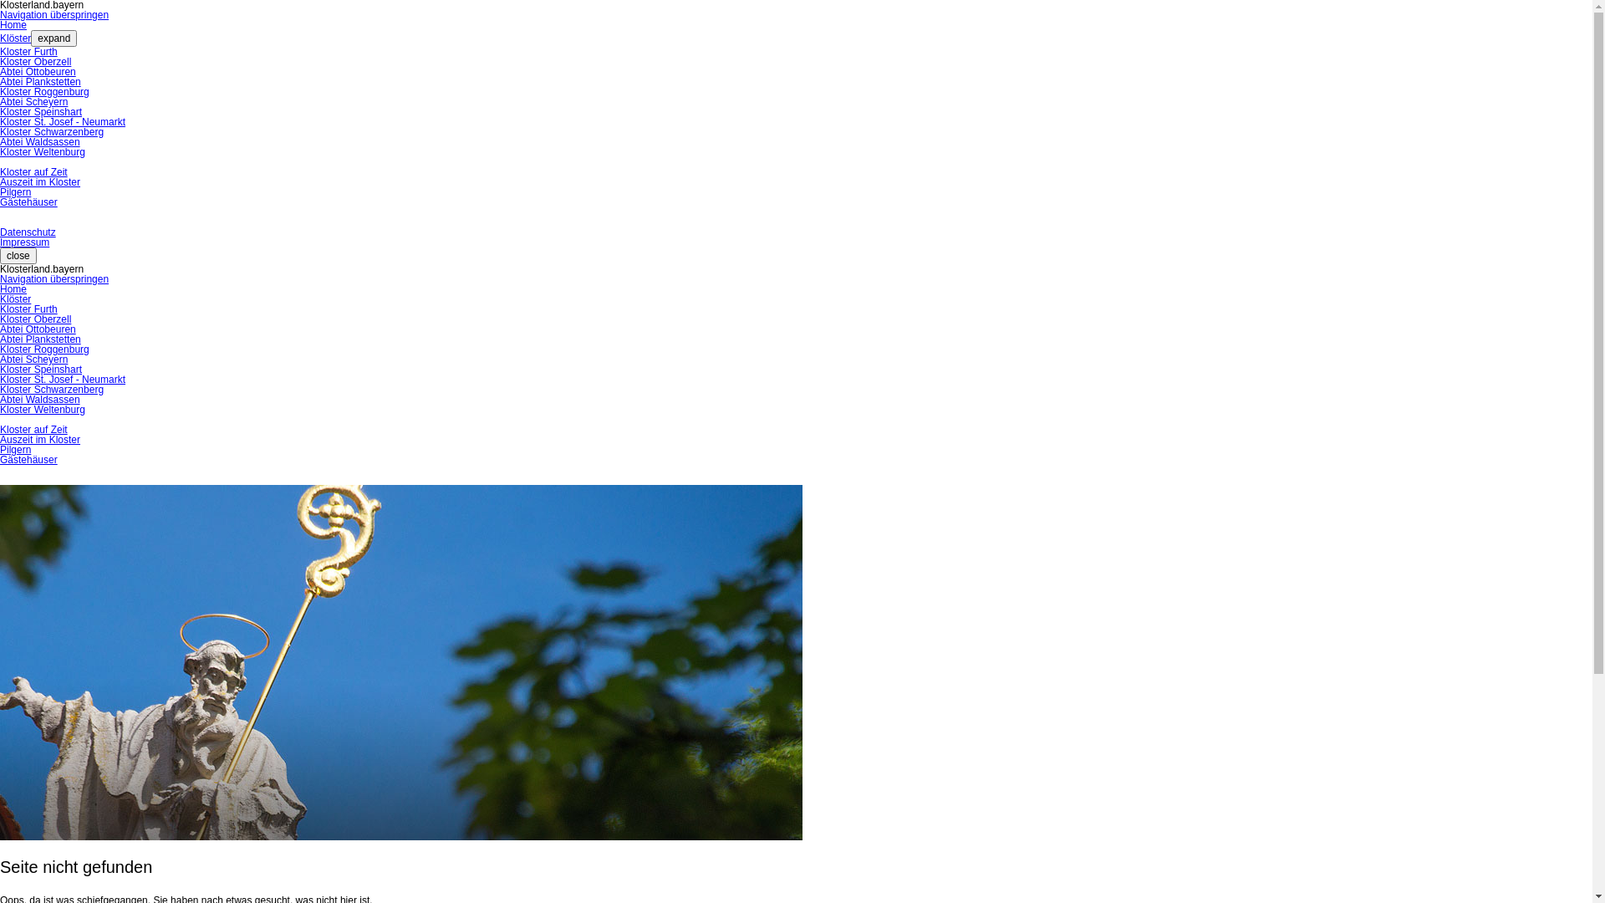 Image resolution: width=1605 pixels, height=903 pixels. Describe the element at coordinates (18, 255) in the screenshot. I see `'close'` at that location.